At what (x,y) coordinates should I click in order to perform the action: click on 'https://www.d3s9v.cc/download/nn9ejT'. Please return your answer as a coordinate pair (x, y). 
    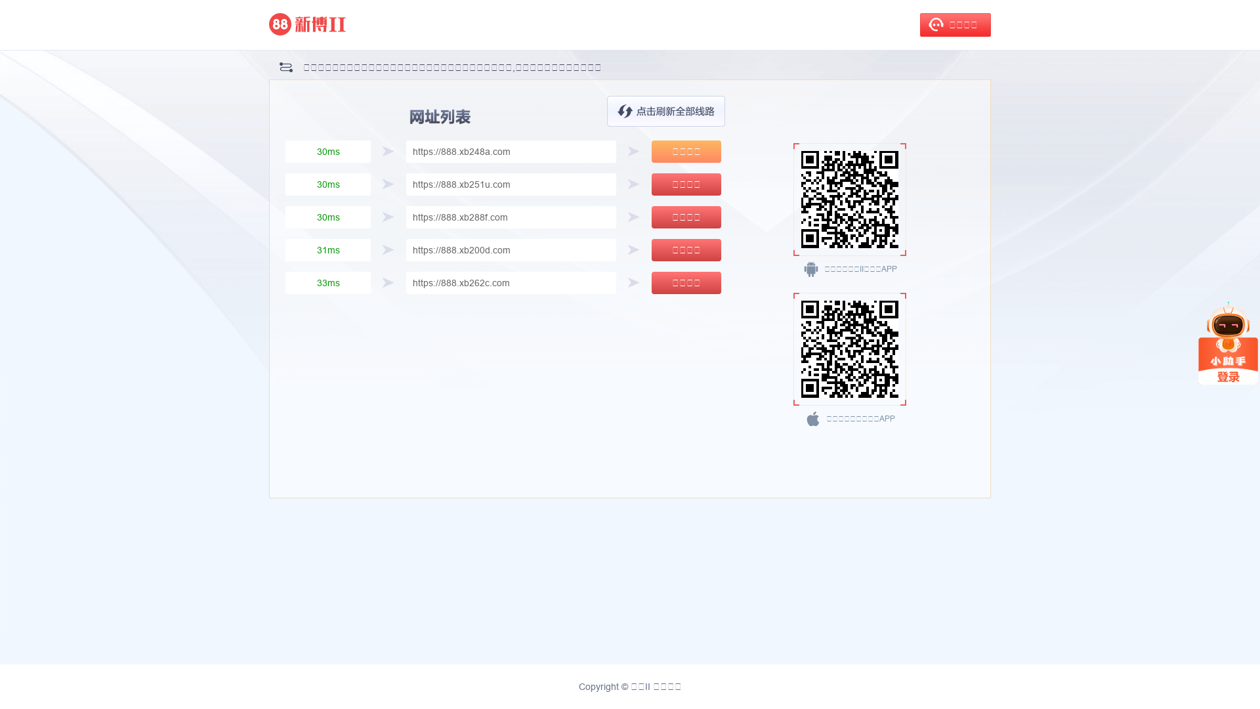
    Looking at the image, I should click on (850, 200).